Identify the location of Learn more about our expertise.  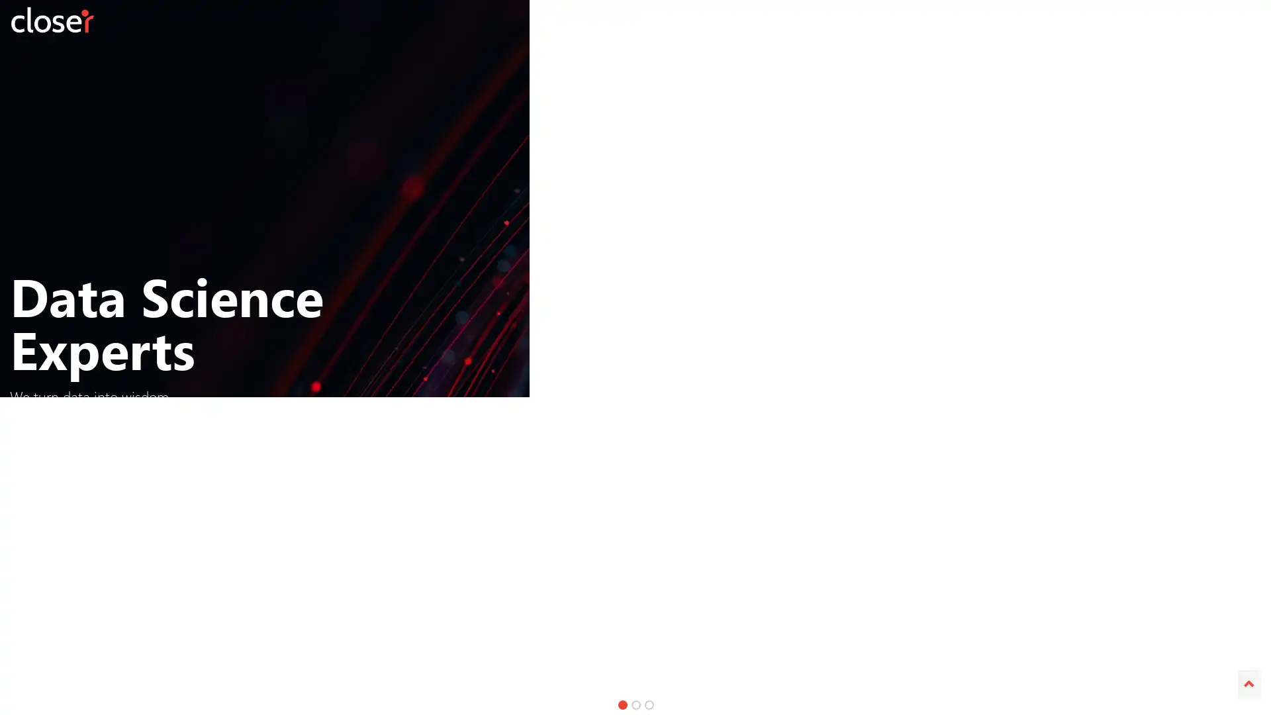
(886, 432).